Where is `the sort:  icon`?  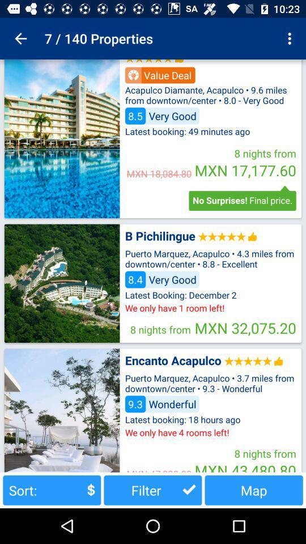 the sort:  icon is located at coordinates (51, 490).